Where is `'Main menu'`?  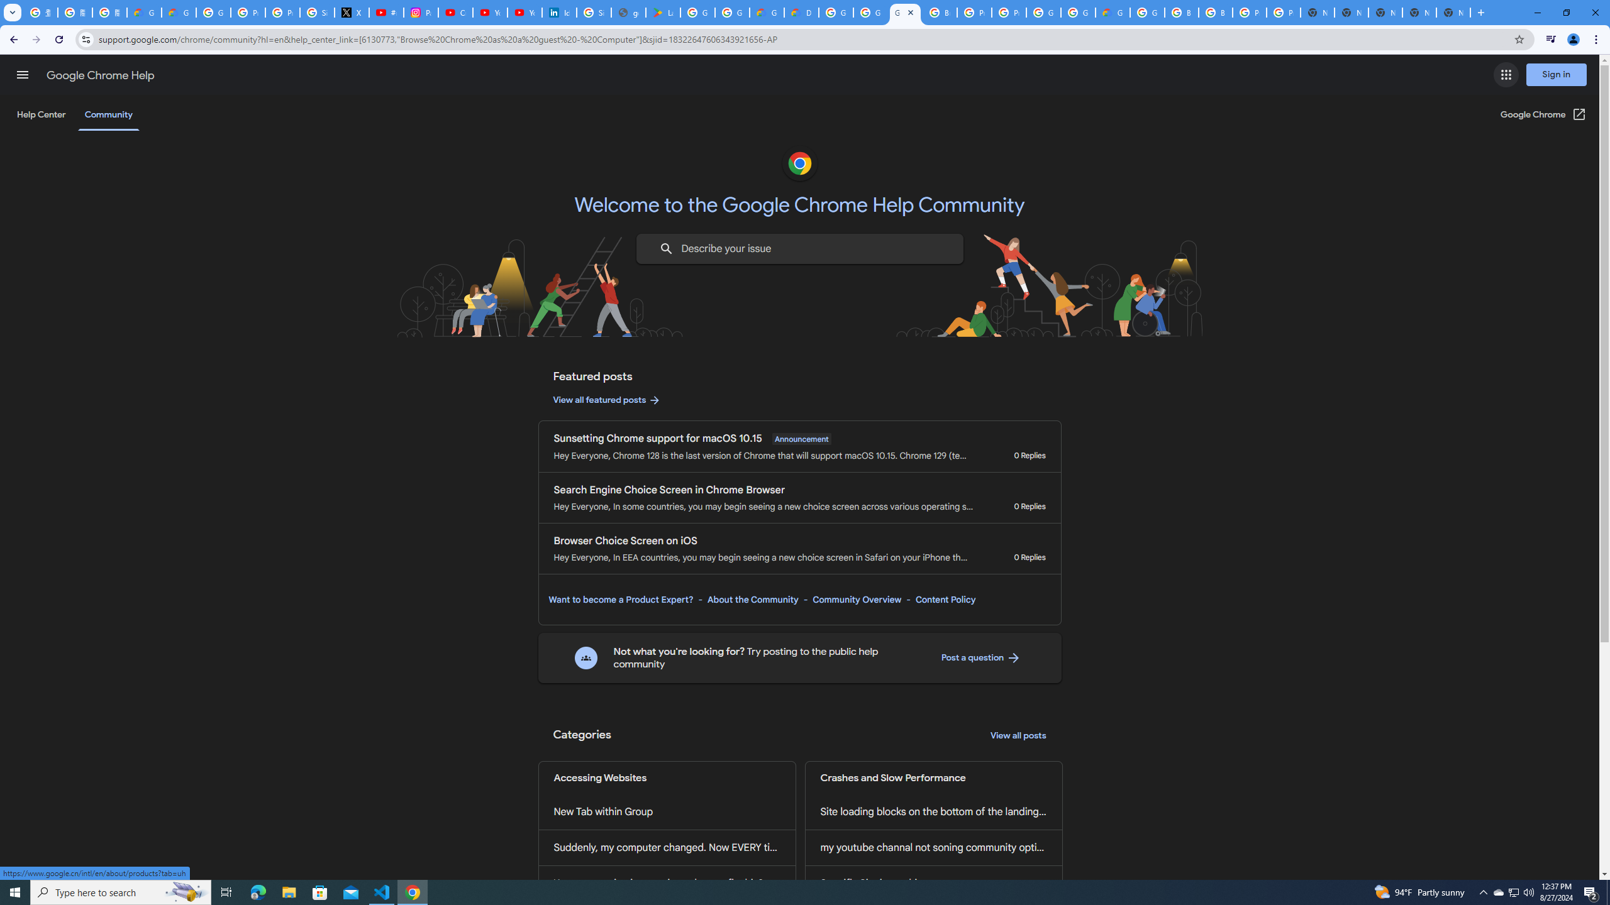 'Main menu' is located at coordinates (21, 74).